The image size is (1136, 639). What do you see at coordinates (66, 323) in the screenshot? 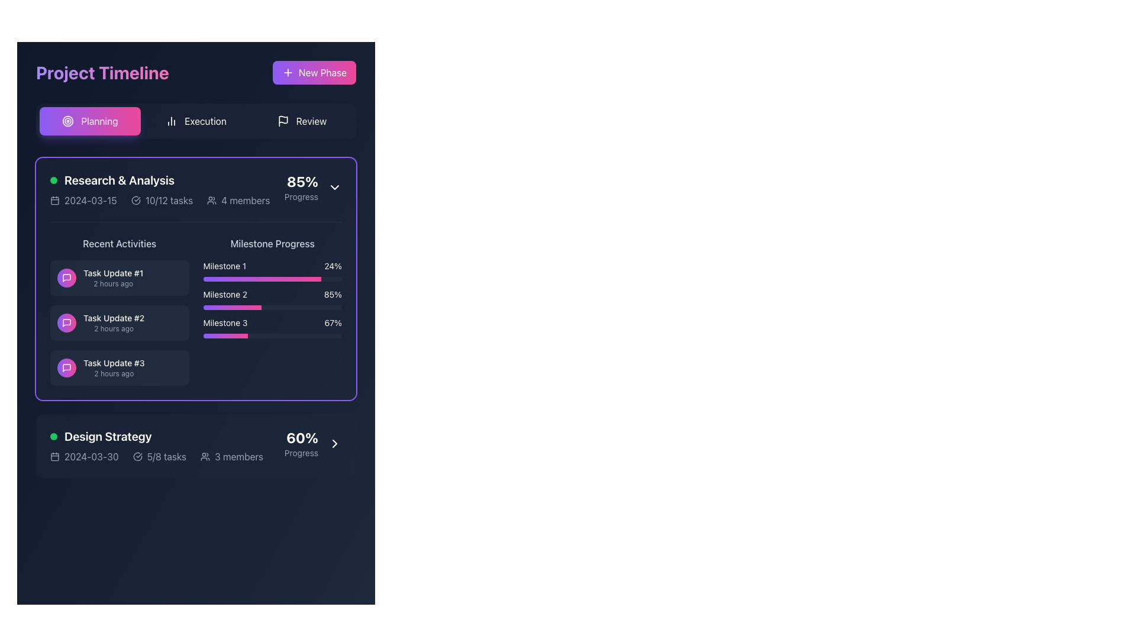
I see `the first icon in the 'Recent Activities' section, which represents messaging or discussions related to 'Task Update #1'` at bounding box center [66, 323].